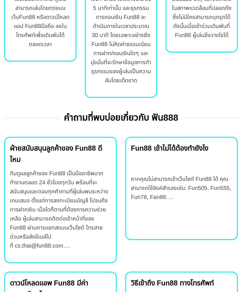 This screenshot has width=242, height=292. Describe the element at coordinates (122, 17) in the screenshot. I see `'ถอนเงิน Fun88'` at that location.